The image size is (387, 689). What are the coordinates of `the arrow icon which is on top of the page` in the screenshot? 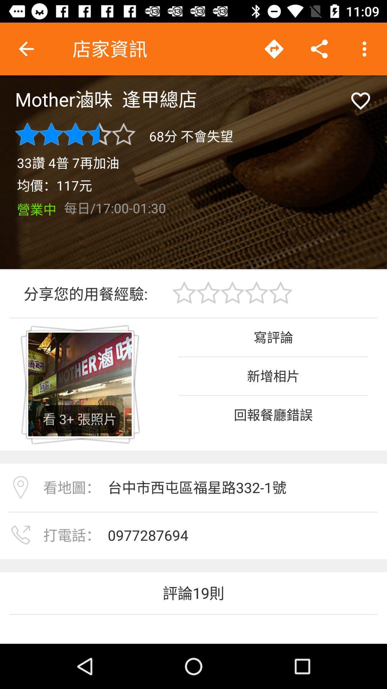 It's located at (274, 49).